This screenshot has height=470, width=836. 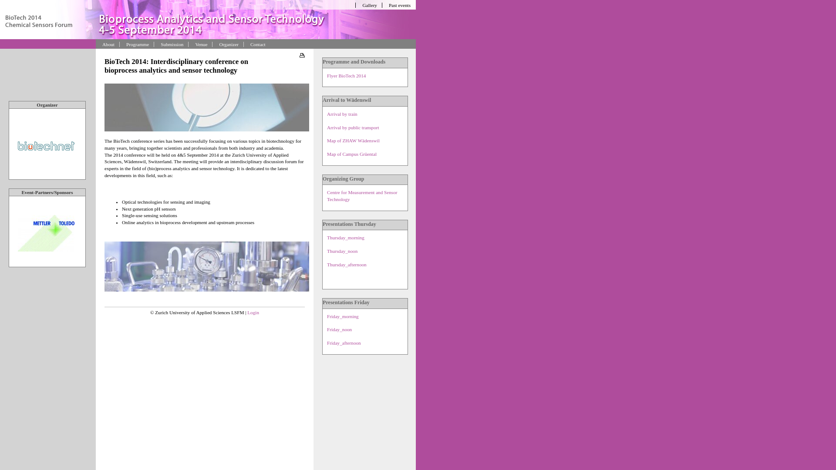 I want to click on 'Centre for Measurement and Sensor Technology', so click(x=362, y=196).